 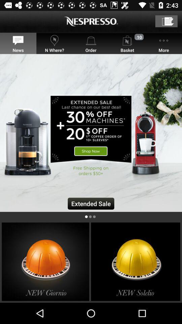 What do you see at coordinates (166, 21) in the screenshot?
I see `on notes icon` at bounding box center [166, 21].